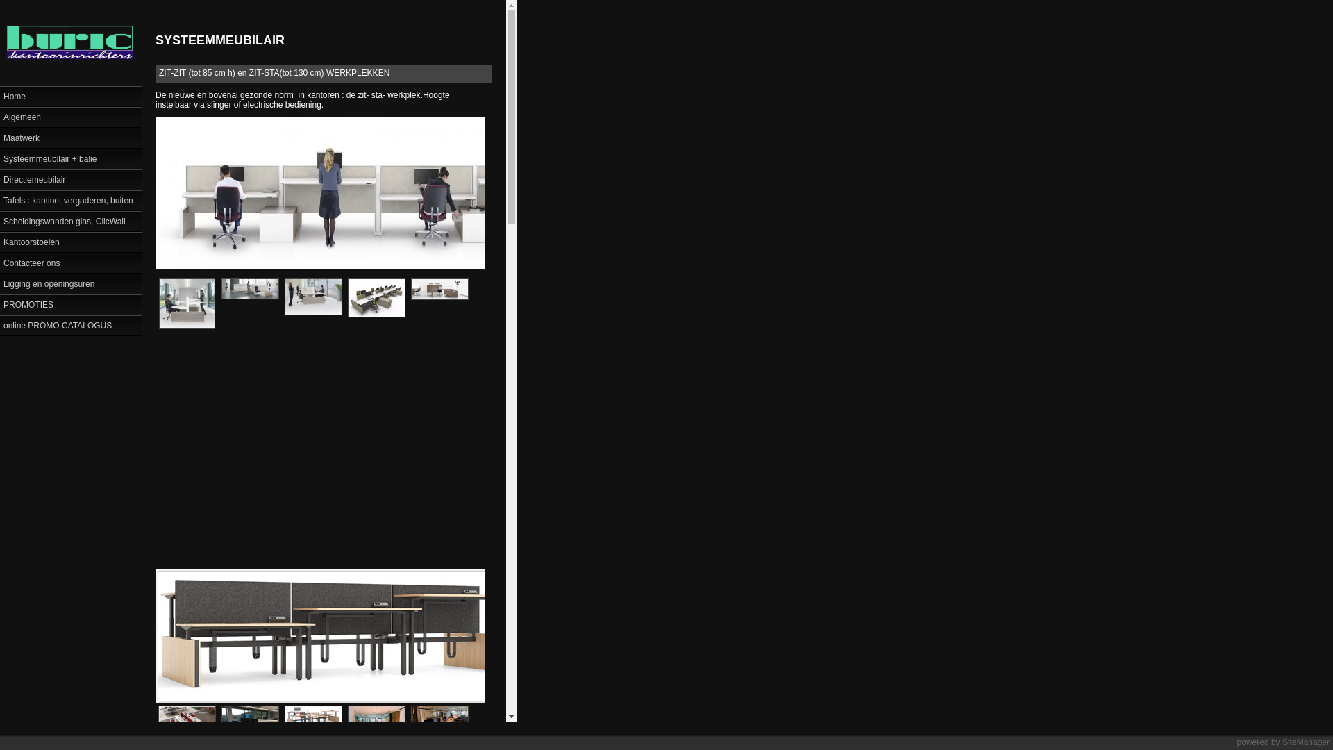  I want to click on 'Kantoorstoelen', so click(69, 240).